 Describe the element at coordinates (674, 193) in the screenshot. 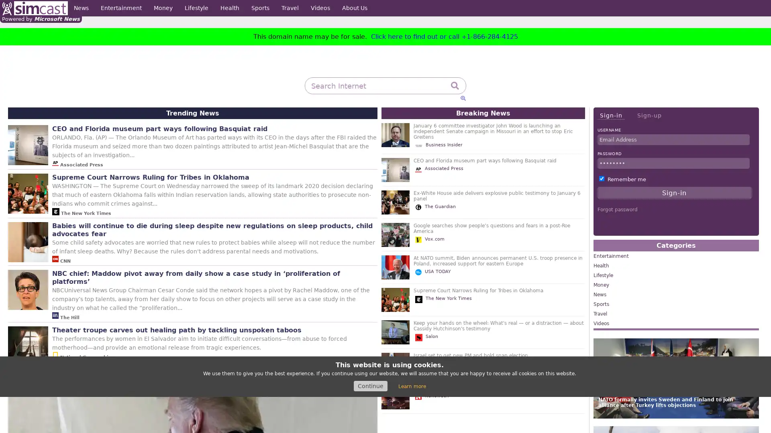

I see `Sign-in` at that location.